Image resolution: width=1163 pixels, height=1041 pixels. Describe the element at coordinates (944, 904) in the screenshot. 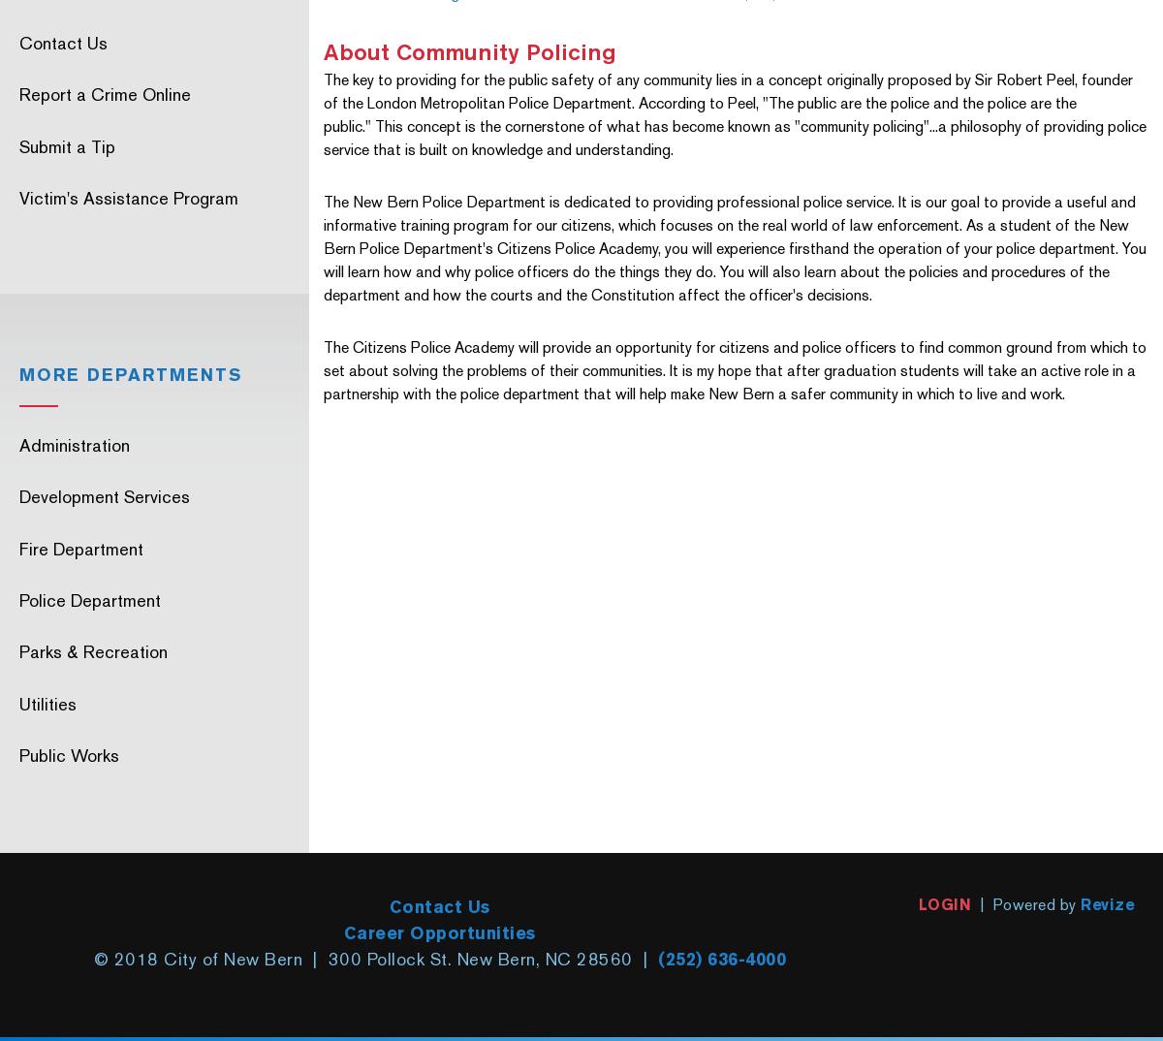

I see `'LOGIN'` at that location.